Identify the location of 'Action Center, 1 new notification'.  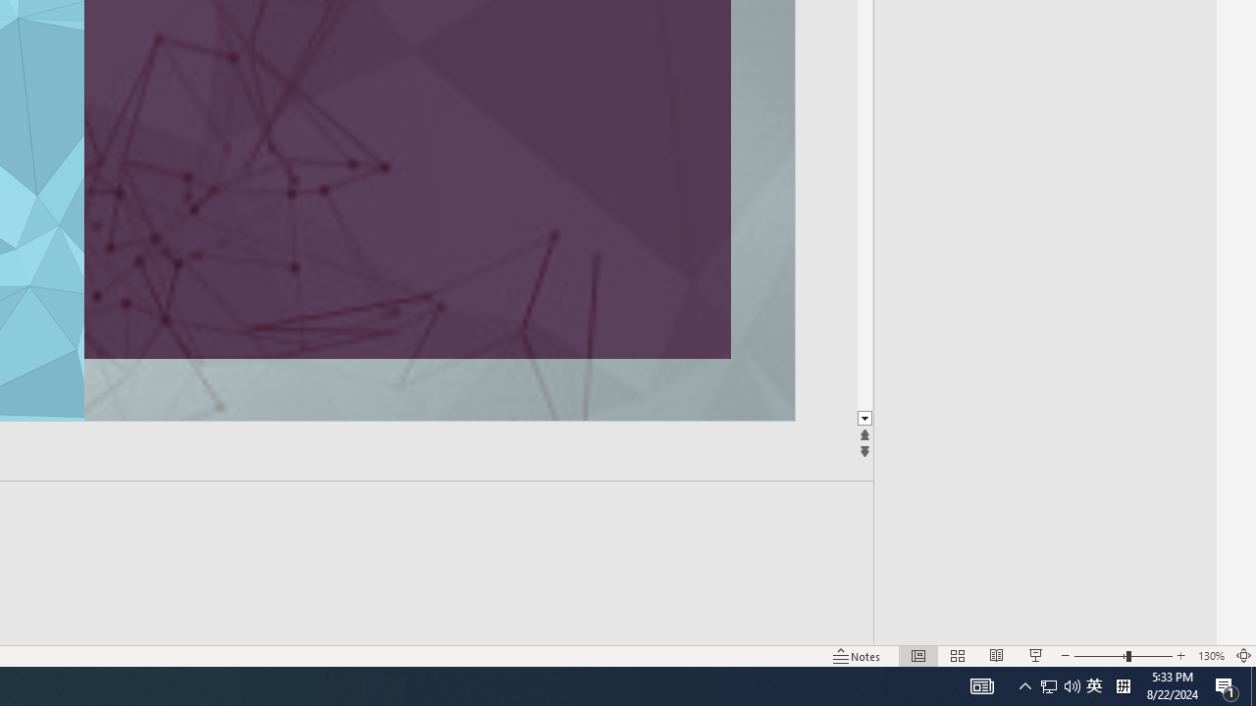
(1227, 684).